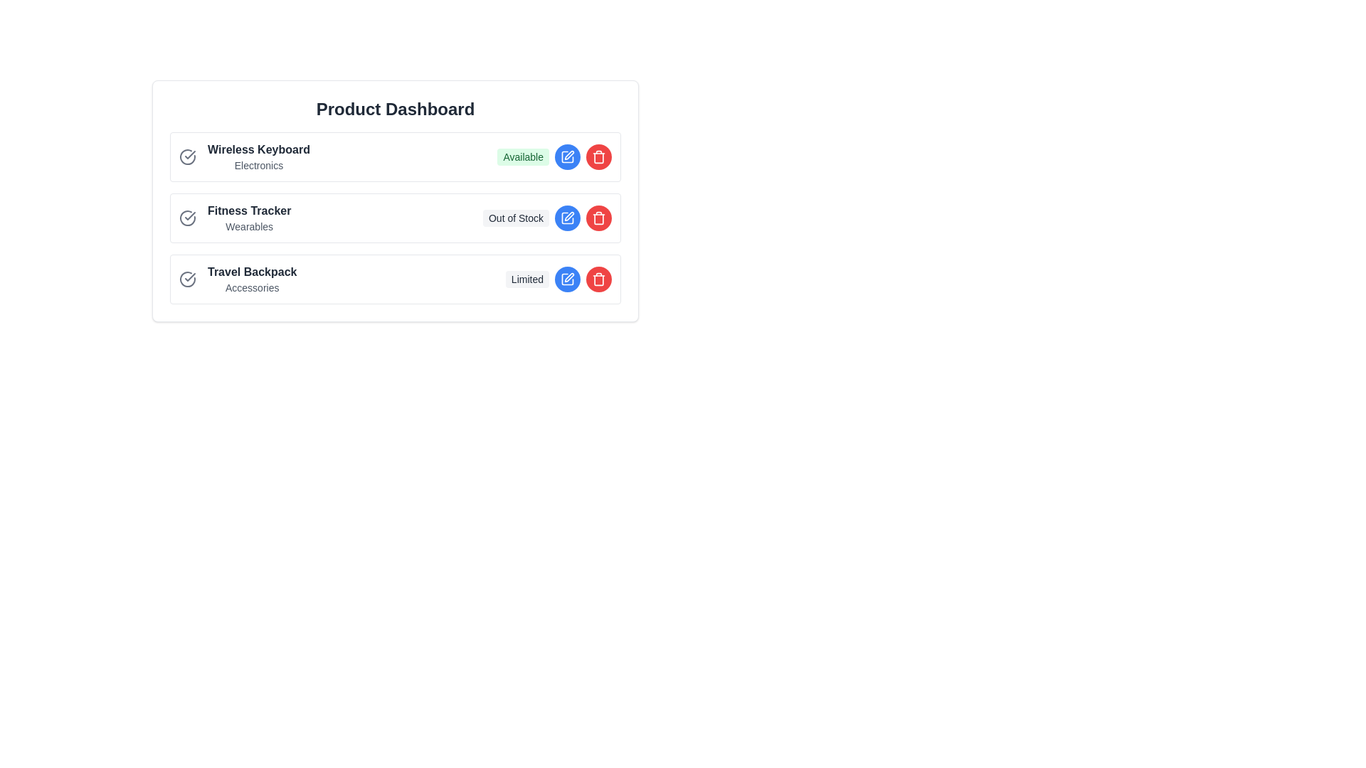 The height and width of the screenshot is (768, 1366). What do you see at coordinates (598, 279) in the screenshot?
I see `the delete button for the product Travel Backpack` at bounding box center [598, 279].